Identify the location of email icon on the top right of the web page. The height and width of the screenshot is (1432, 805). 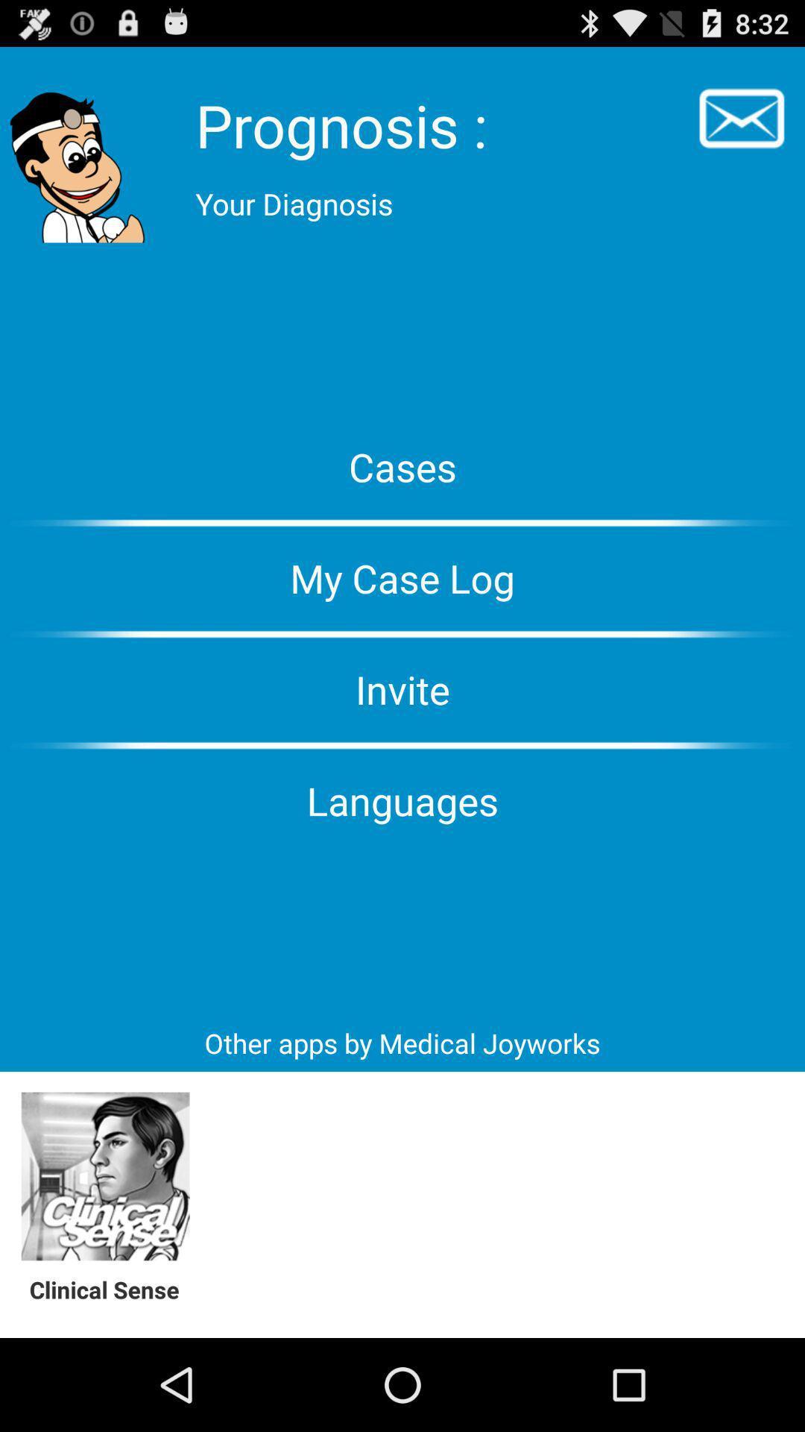
(741, 118).